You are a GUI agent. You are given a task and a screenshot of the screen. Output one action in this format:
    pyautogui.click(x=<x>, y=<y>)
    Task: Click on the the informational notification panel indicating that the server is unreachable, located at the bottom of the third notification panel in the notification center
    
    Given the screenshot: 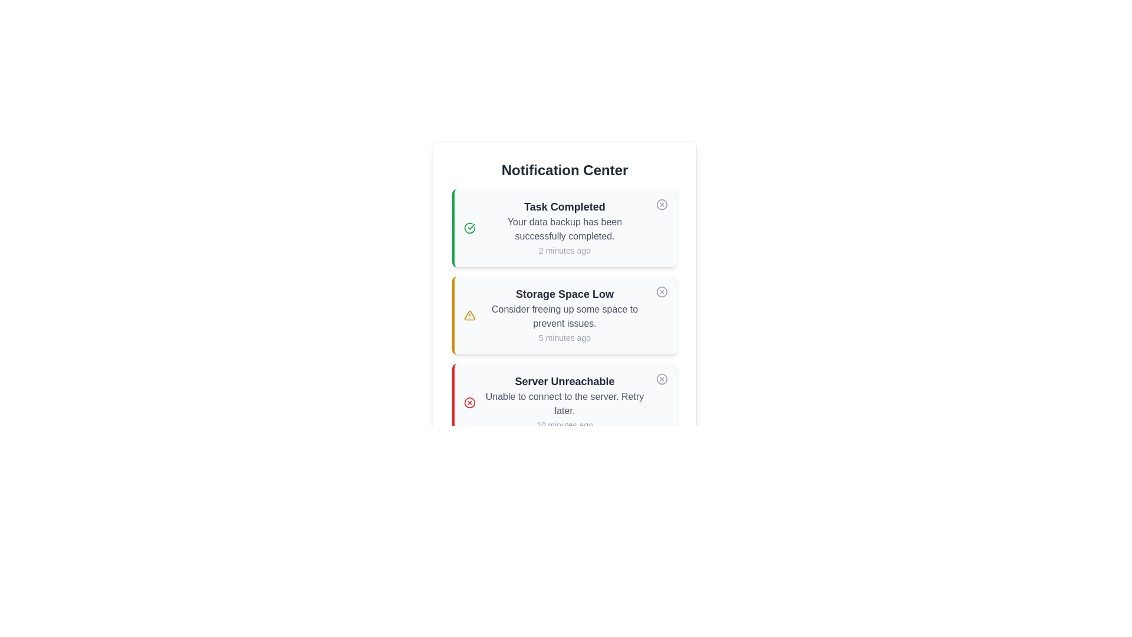 What is the action you would take?
    pyautogui.click(x=554, y=402)
    